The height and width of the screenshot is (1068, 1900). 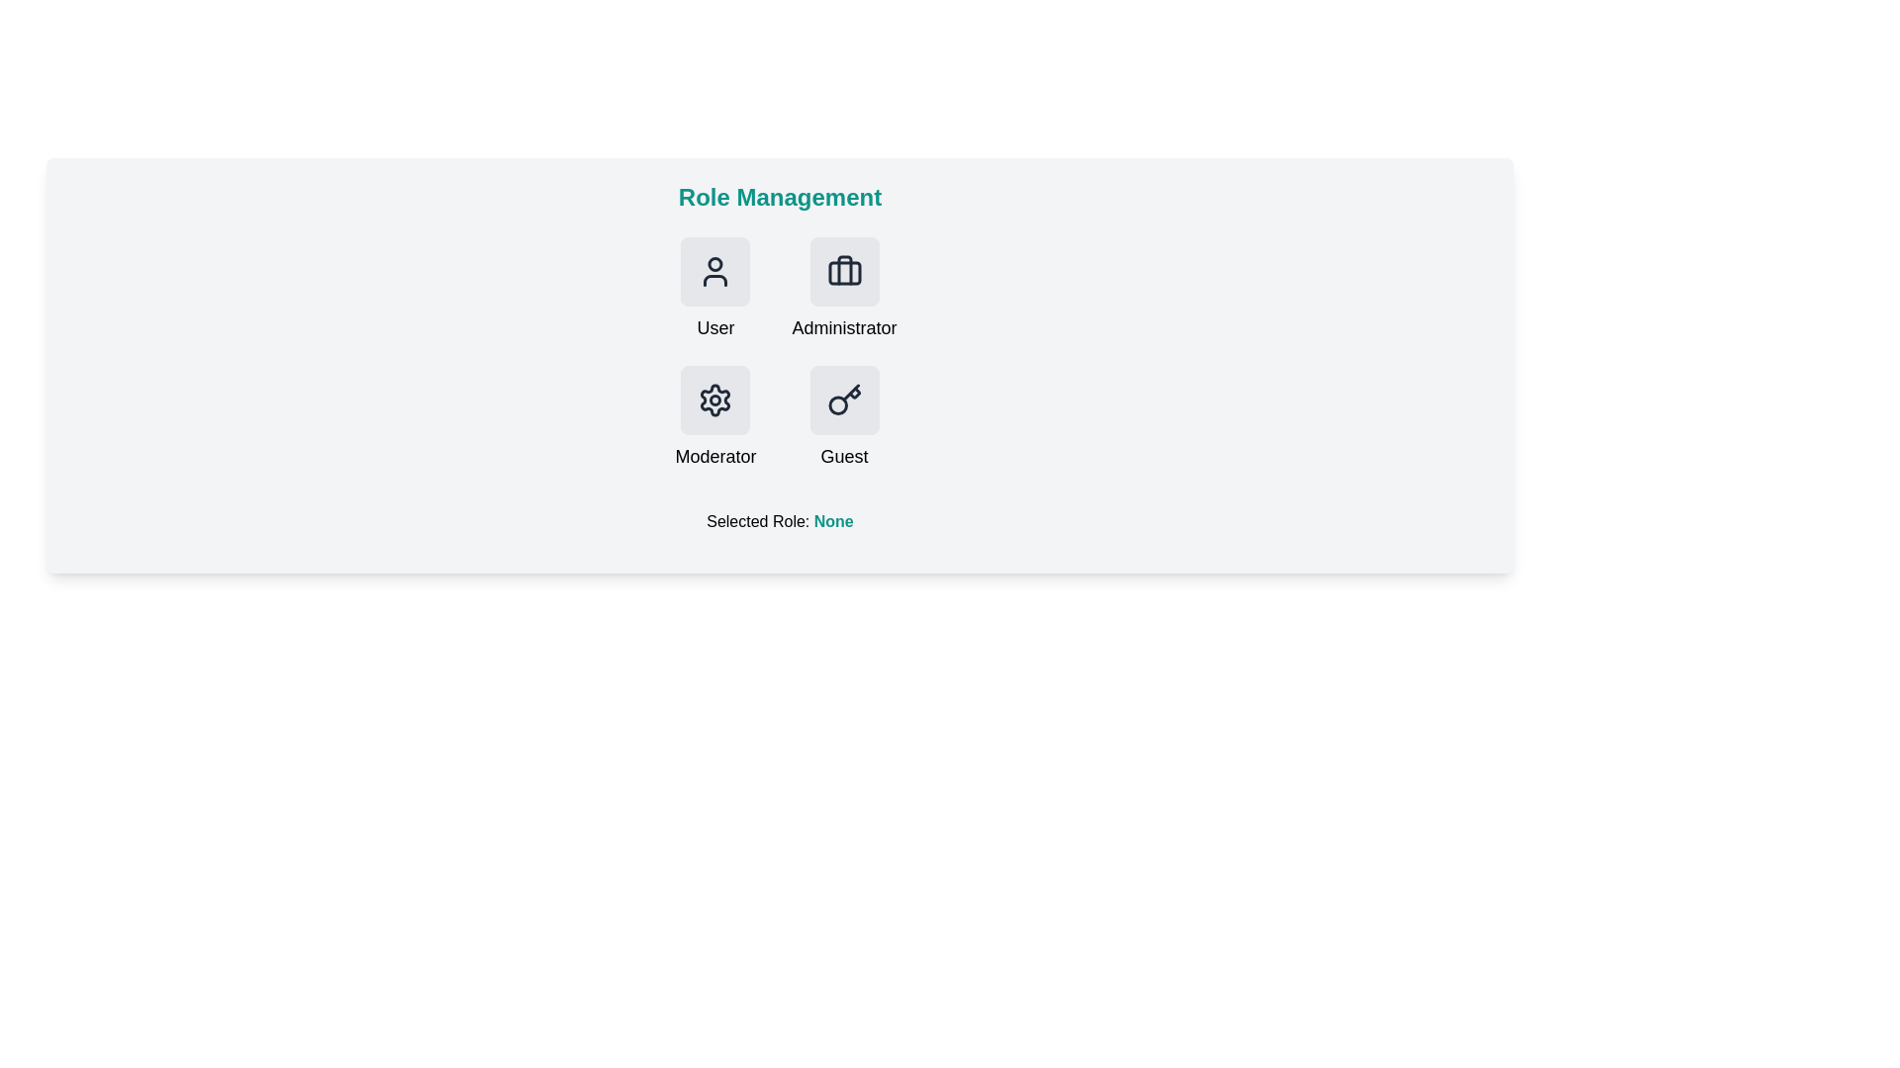 I want to click on the small circular decorative element within the gear-like icon, which is the central part of the gear icon located in the second row, left column of the grid layout, so click(x=714, y=400).